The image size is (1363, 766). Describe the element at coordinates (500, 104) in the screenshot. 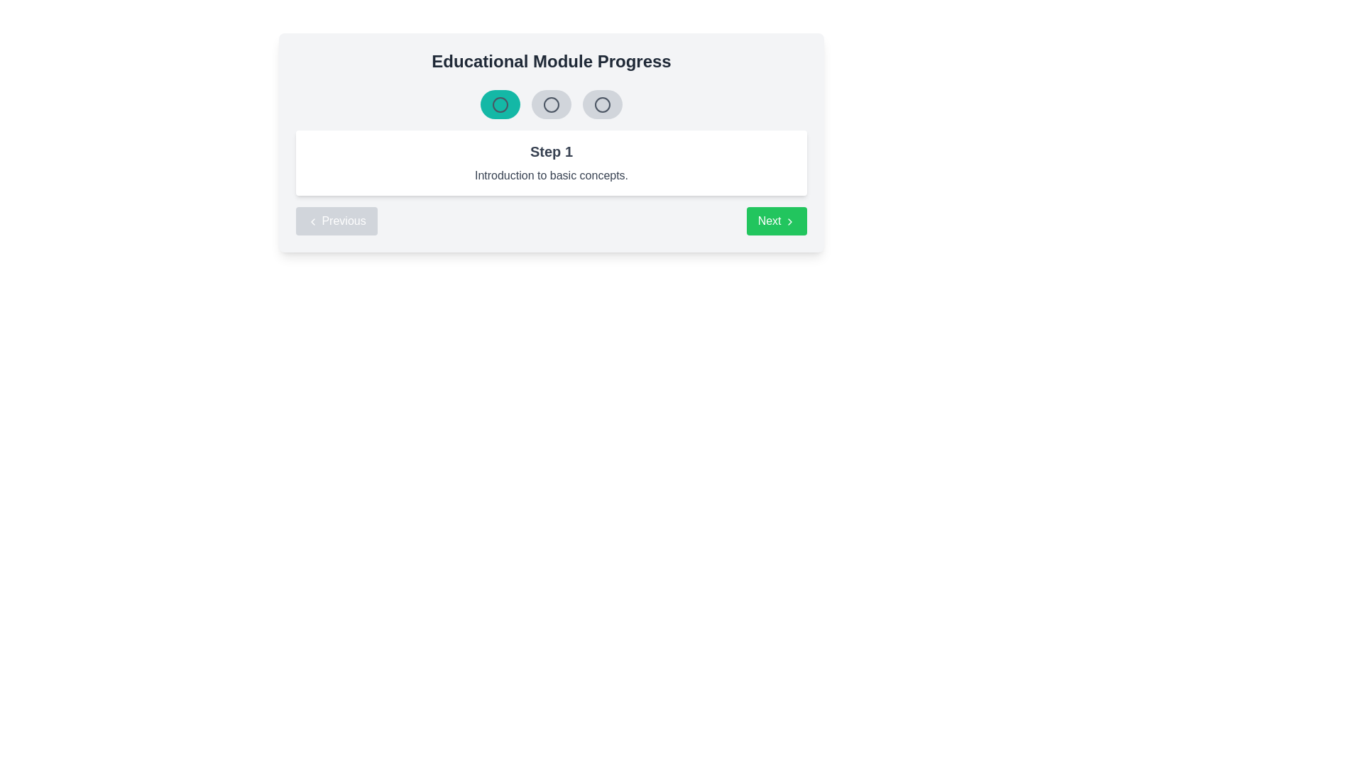

I see `the active, leftmost circle in the SVG progress step indicator, which is styled with a teal background and indicates progress in the 'Educational Module Progress.'` at that location.